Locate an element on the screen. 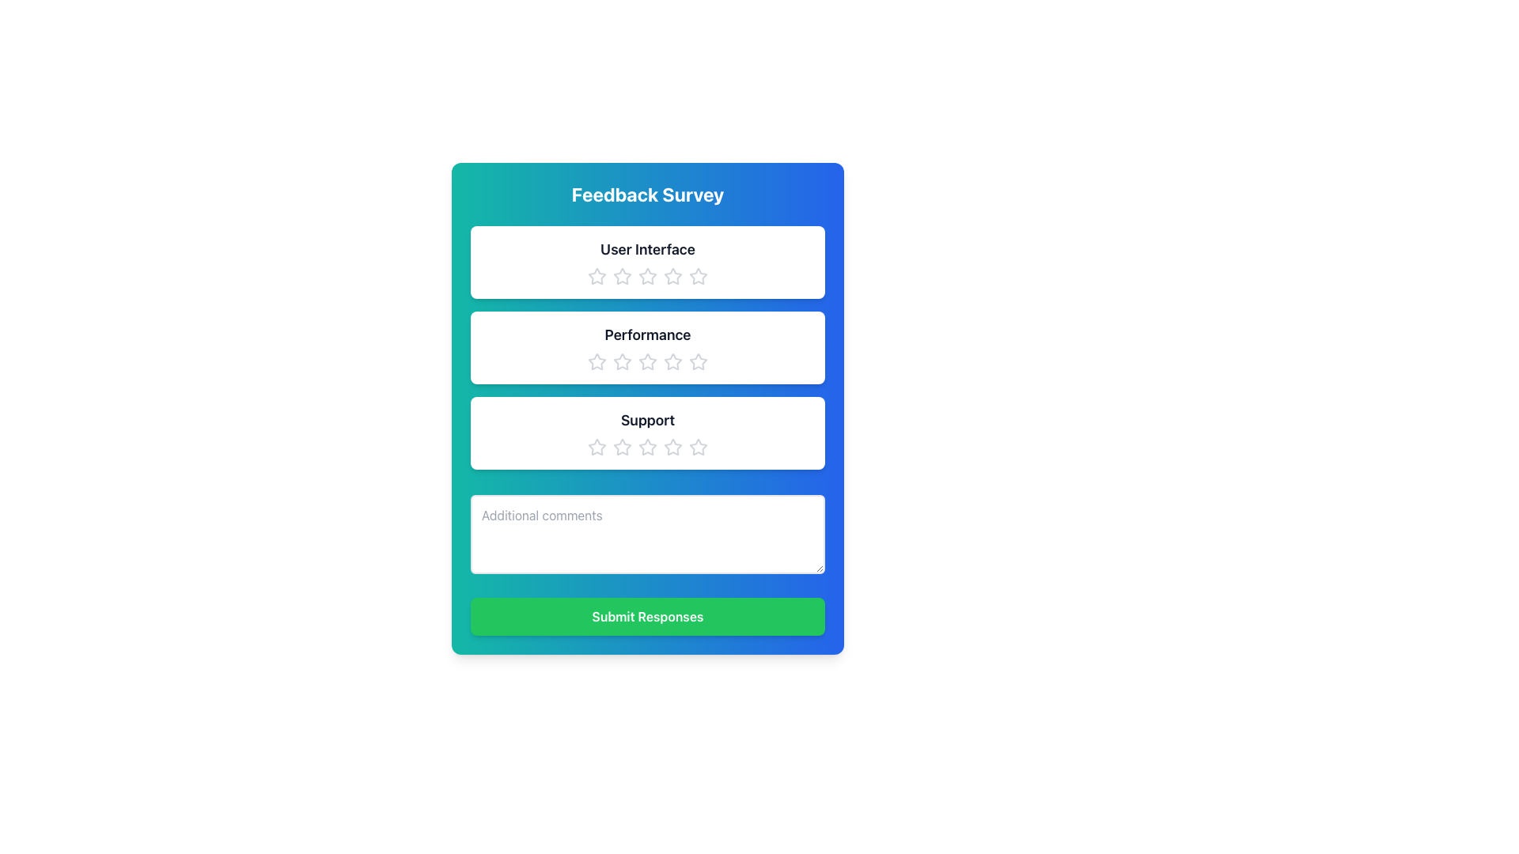 Image resolution: width=1519 pixels, height=854 pixels. the second star in the five-star rating control under the 'Support' section of the feedback survey form is located at coordinates (622, 448).